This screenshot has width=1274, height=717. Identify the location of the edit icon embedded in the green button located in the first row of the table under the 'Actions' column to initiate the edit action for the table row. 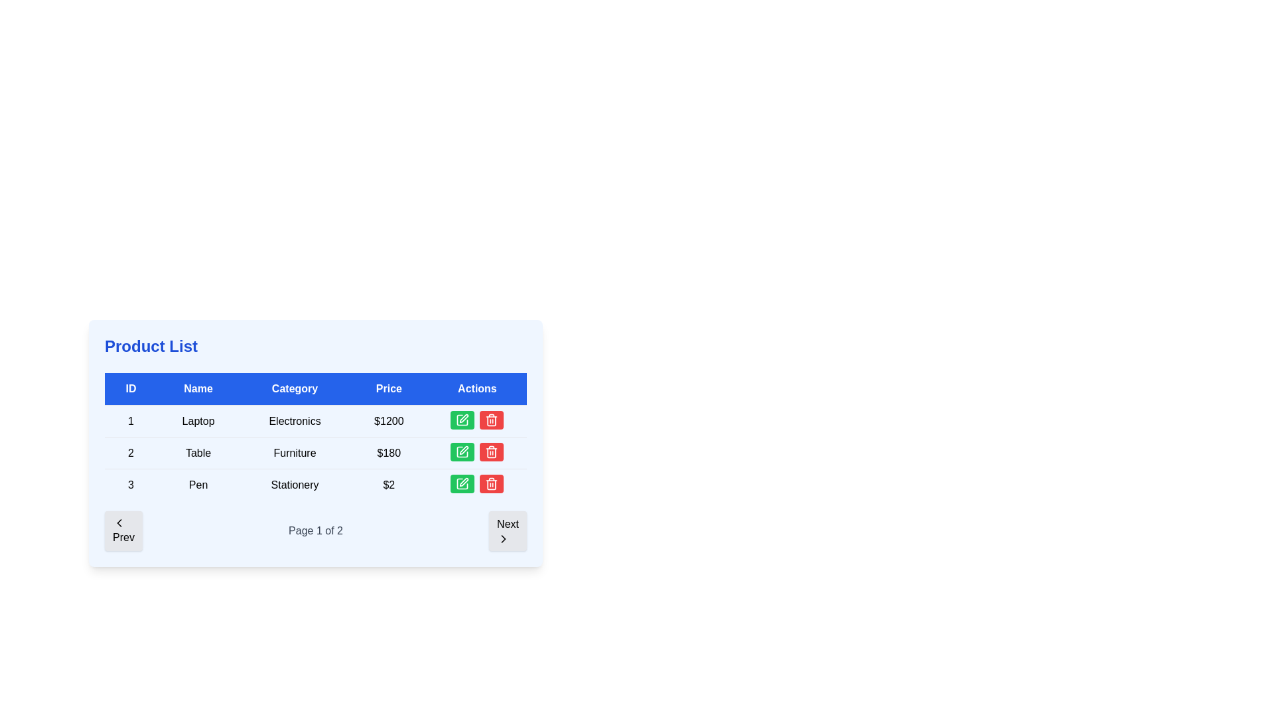
(462, 420).